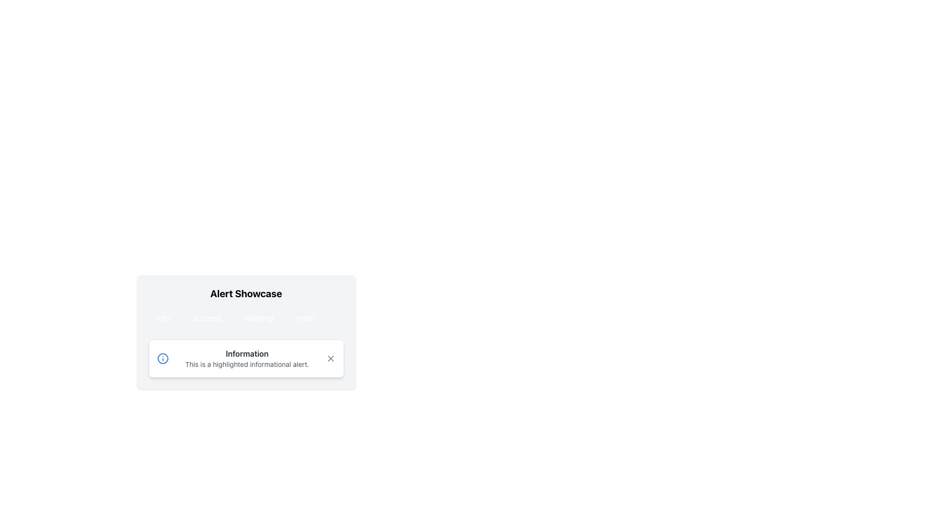  I want to click on the blue-stroked SVG circle element that is part of the information icon on the left side of the notification box, so click(163, 359).